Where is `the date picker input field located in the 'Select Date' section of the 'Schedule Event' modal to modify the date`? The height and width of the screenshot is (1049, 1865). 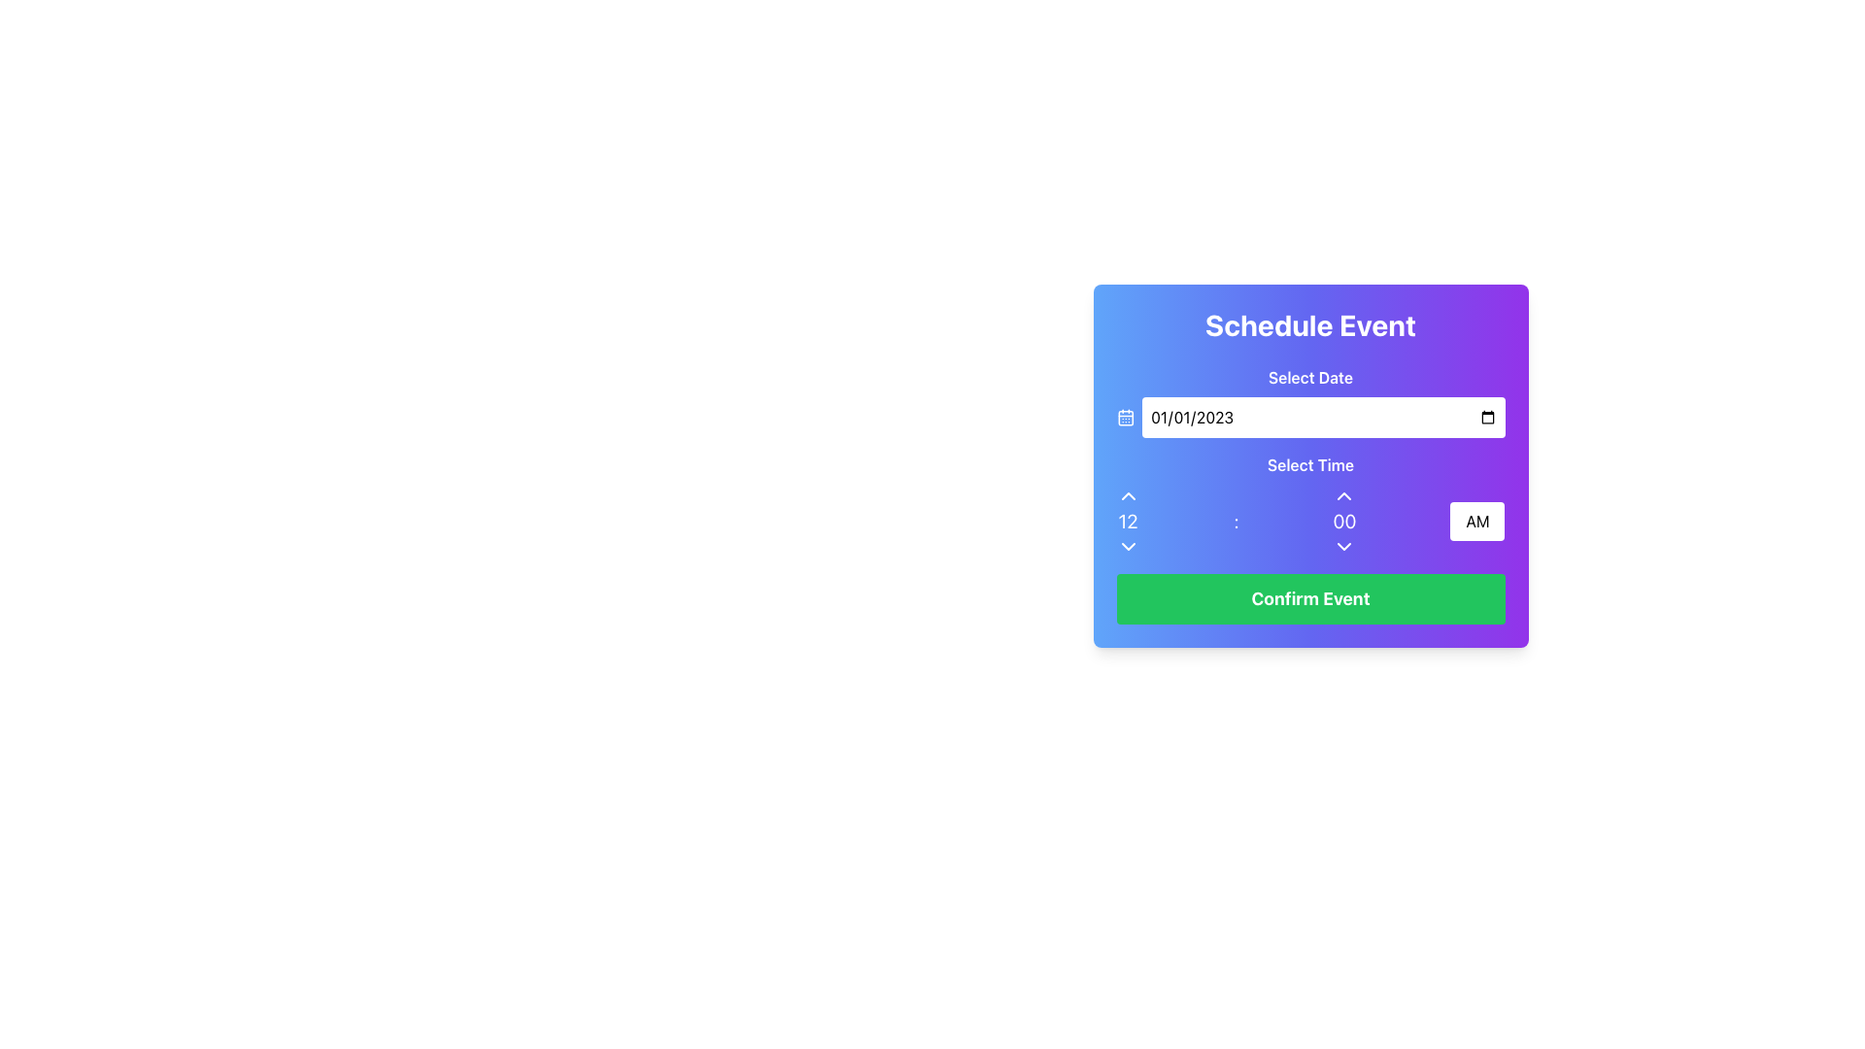
the date picker input field located in the 'Select Date' section of the 'Schedule Event' modal to modify the date is located at coordinates (1310, 416).